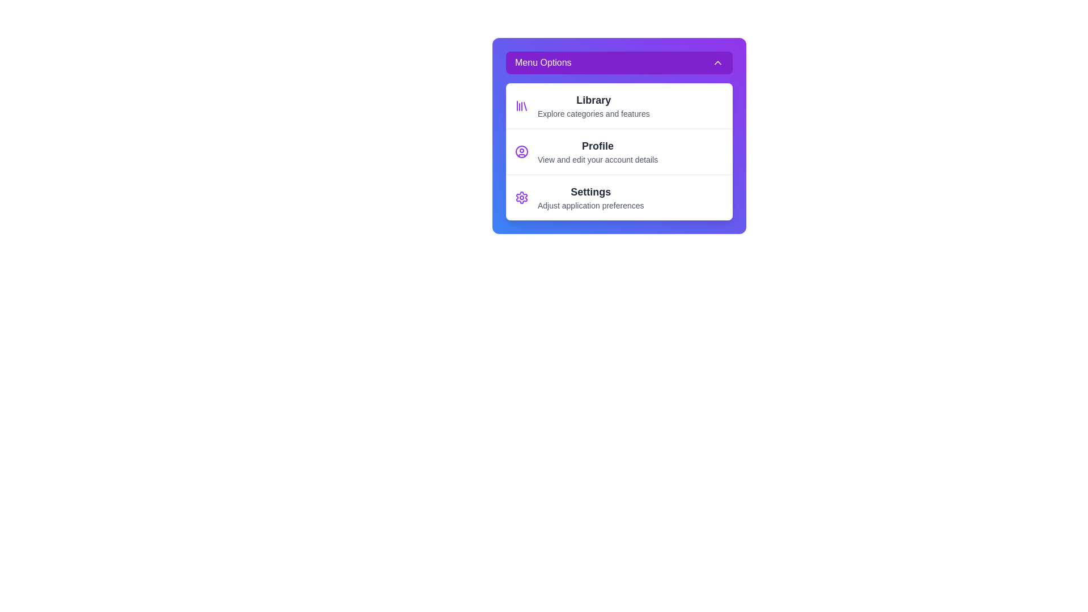 This screenshot has height=612, width=1088. I want to click on the 'Settings' text label, so click(590, 197).